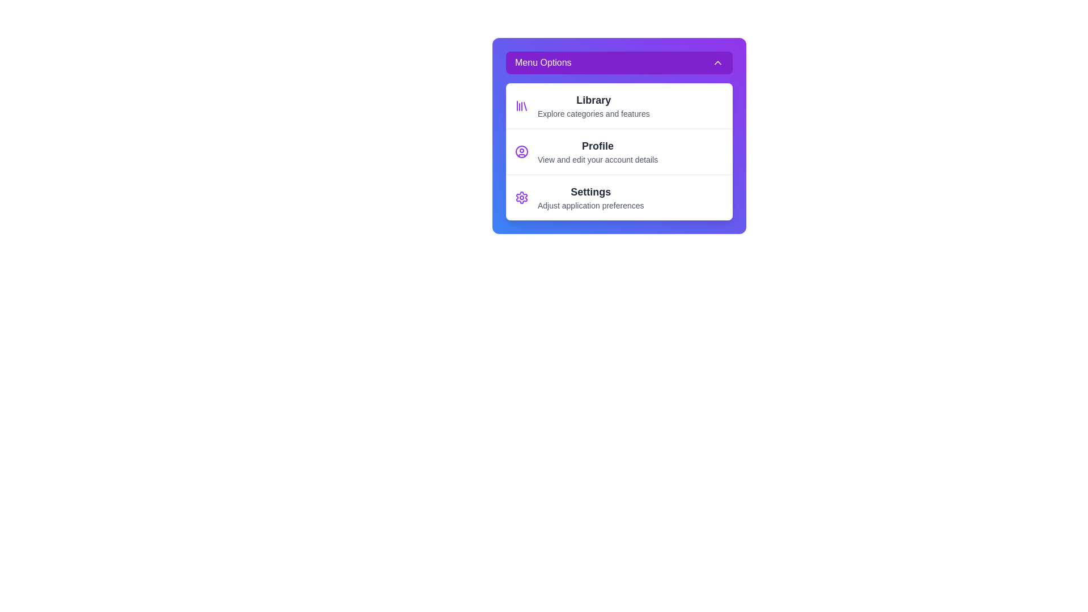 This screenshot has height=612, width=1088. I want to click on the 'Settings' text label, so click(590, 197).